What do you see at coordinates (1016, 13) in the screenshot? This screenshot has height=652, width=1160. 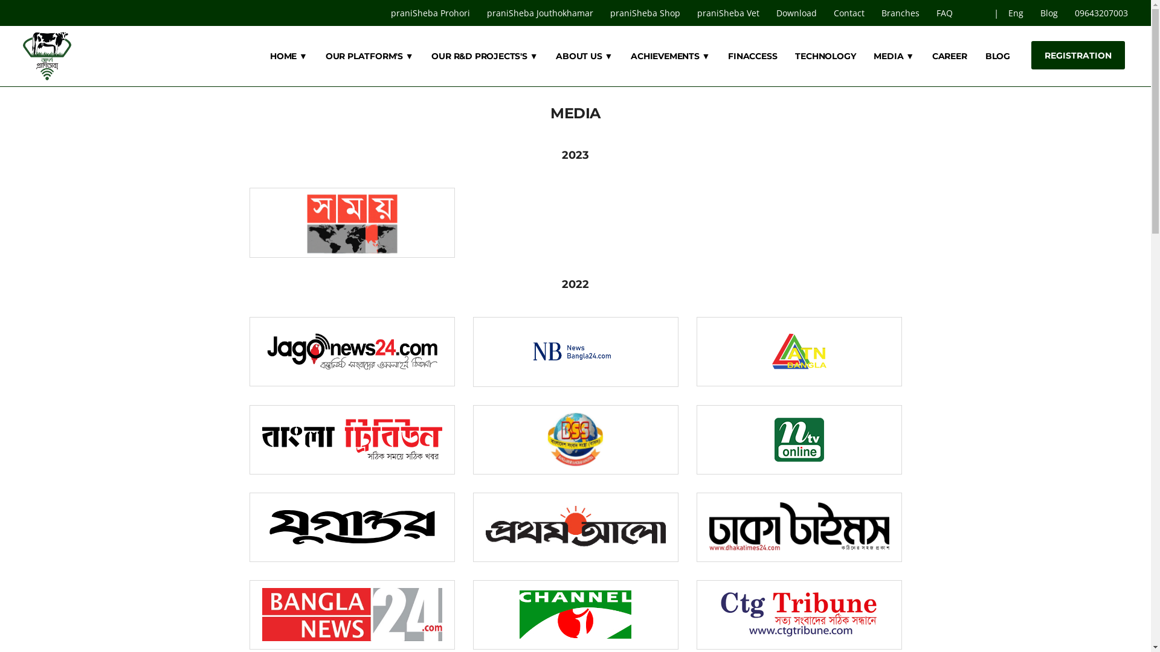 I see `'Eng'` at bounding box center [1016, 13].